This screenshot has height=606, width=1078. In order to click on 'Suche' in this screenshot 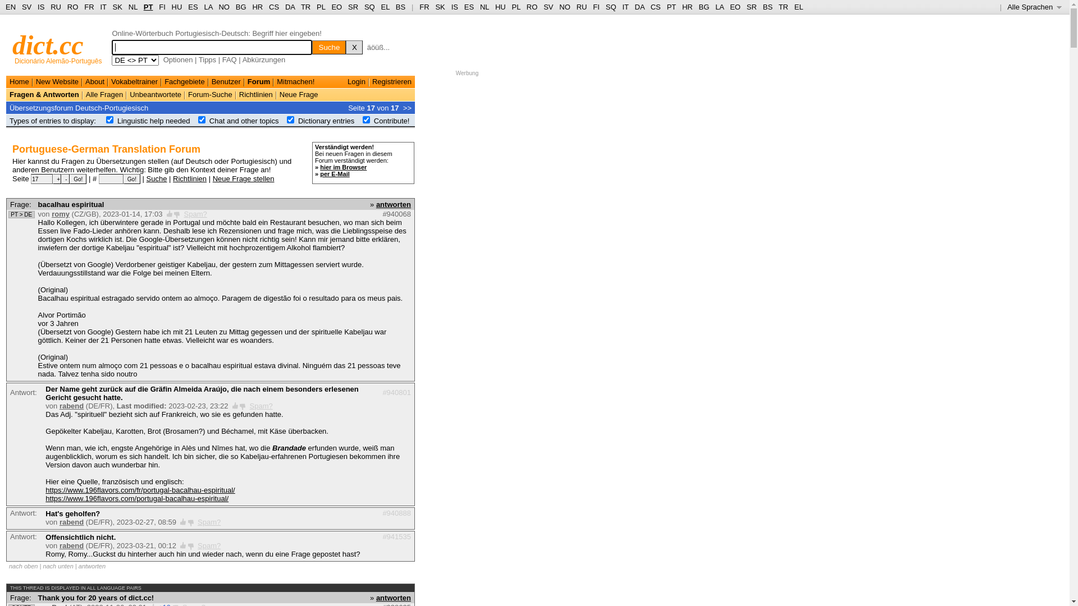, I will do `click(156, 177)`.